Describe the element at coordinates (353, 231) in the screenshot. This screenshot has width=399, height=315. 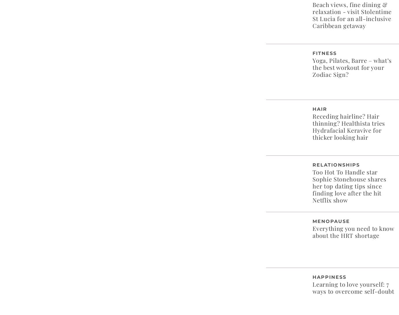
I see `'Everything you need to know about the HRT shortage'` at that location.